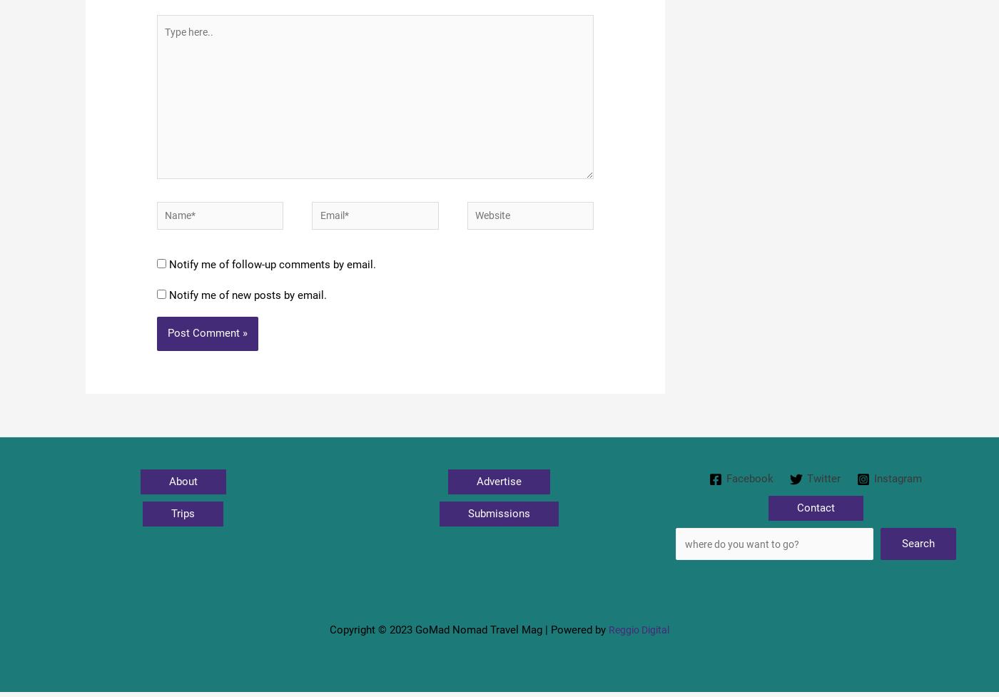 Image resolution: width=999 pixels, height=697 pixels. Describe the element at coordinates (605, 642) in the screenshot. I see `'Reggio Digital'` at that location.